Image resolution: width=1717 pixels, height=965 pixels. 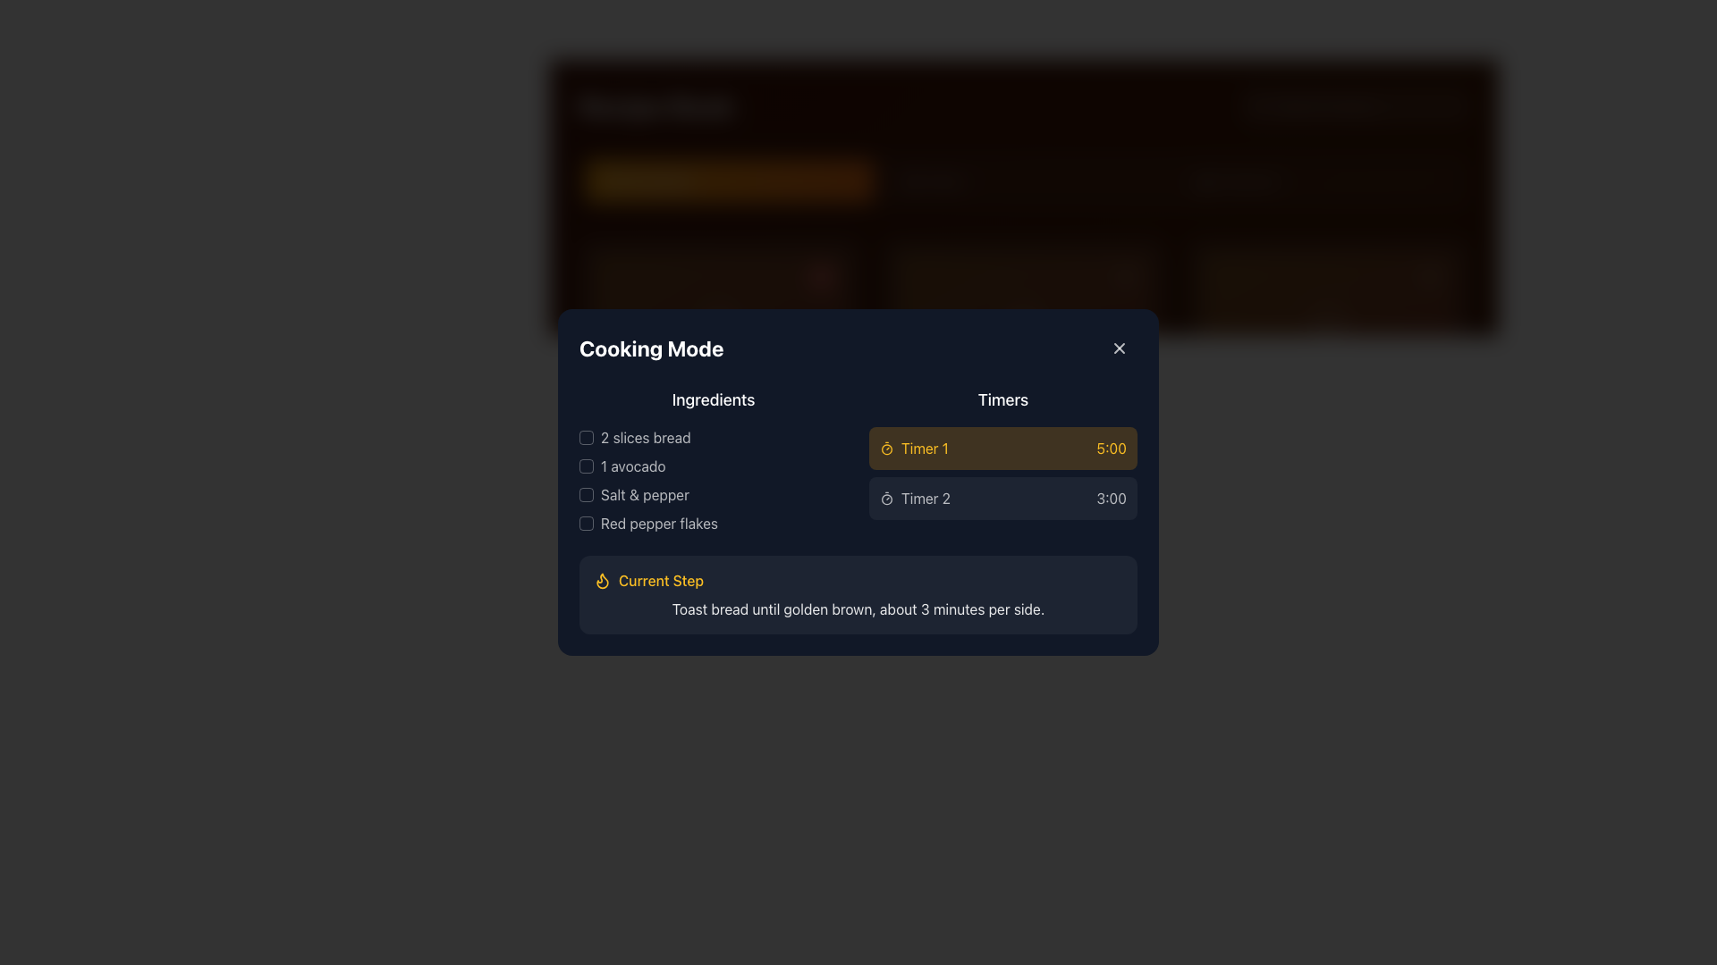 What do you see at coordinates (1072, 422) in the screenshot?
I see `the star icon located next to the 'Timer 1' text in the Timers section, which indicates the Timer 1 feature` at bounding box center [1072, 422].